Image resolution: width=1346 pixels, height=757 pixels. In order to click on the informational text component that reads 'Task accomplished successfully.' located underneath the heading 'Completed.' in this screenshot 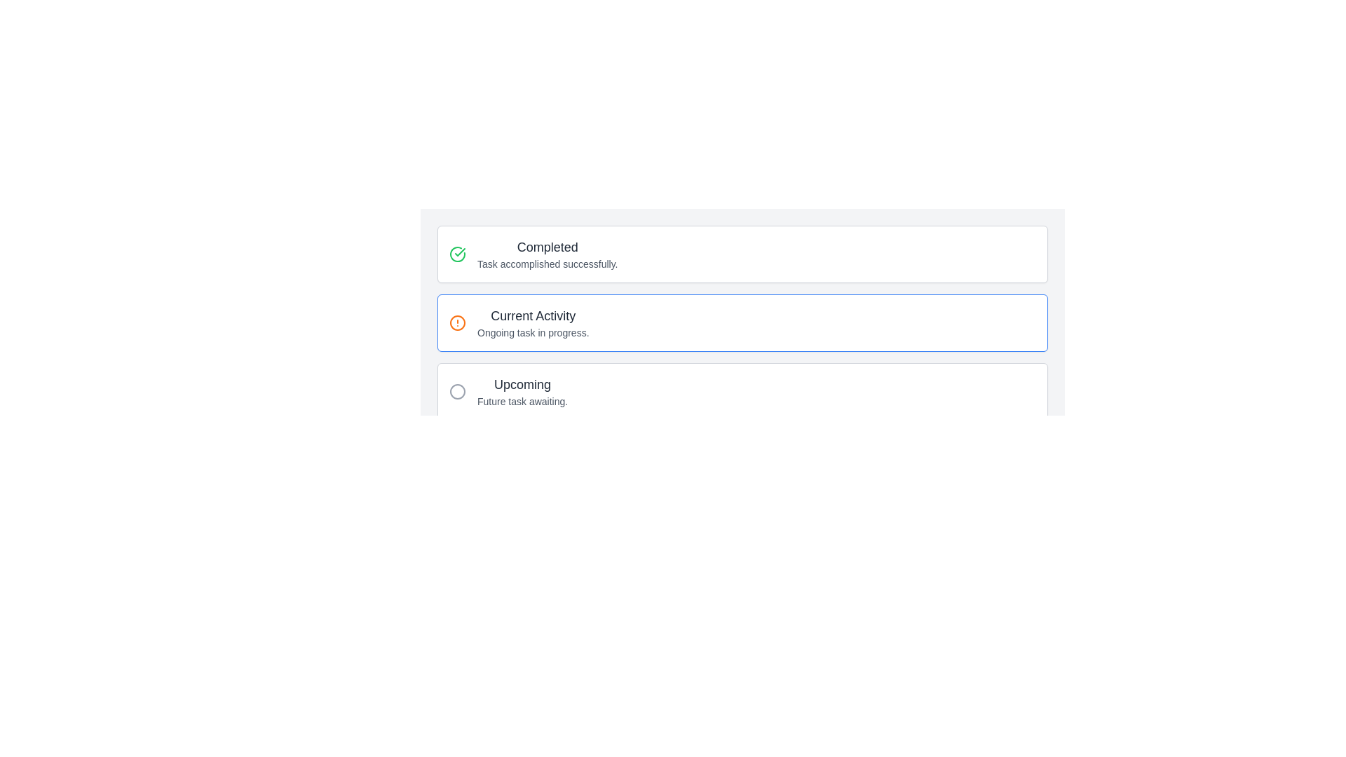, I will do `click(547, 264)`.